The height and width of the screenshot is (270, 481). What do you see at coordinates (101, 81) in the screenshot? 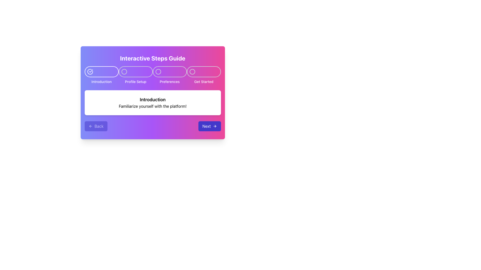
I see `the Text Label that represents the introduction stage of a multi-step process, located near the top left of the layout under a round icon` at bounding box center [101, 81].